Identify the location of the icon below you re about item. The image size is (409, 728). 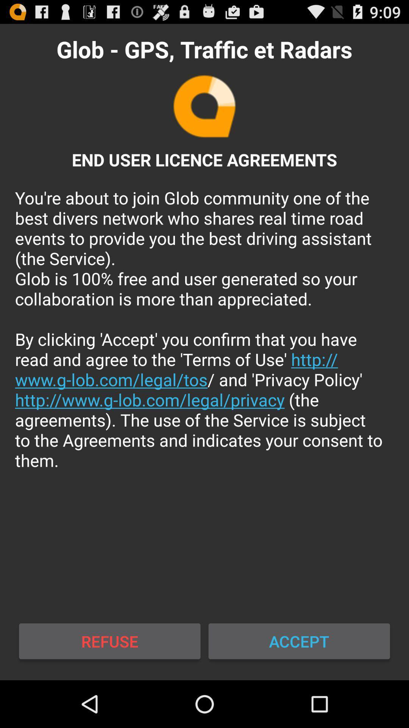
(299, 641).